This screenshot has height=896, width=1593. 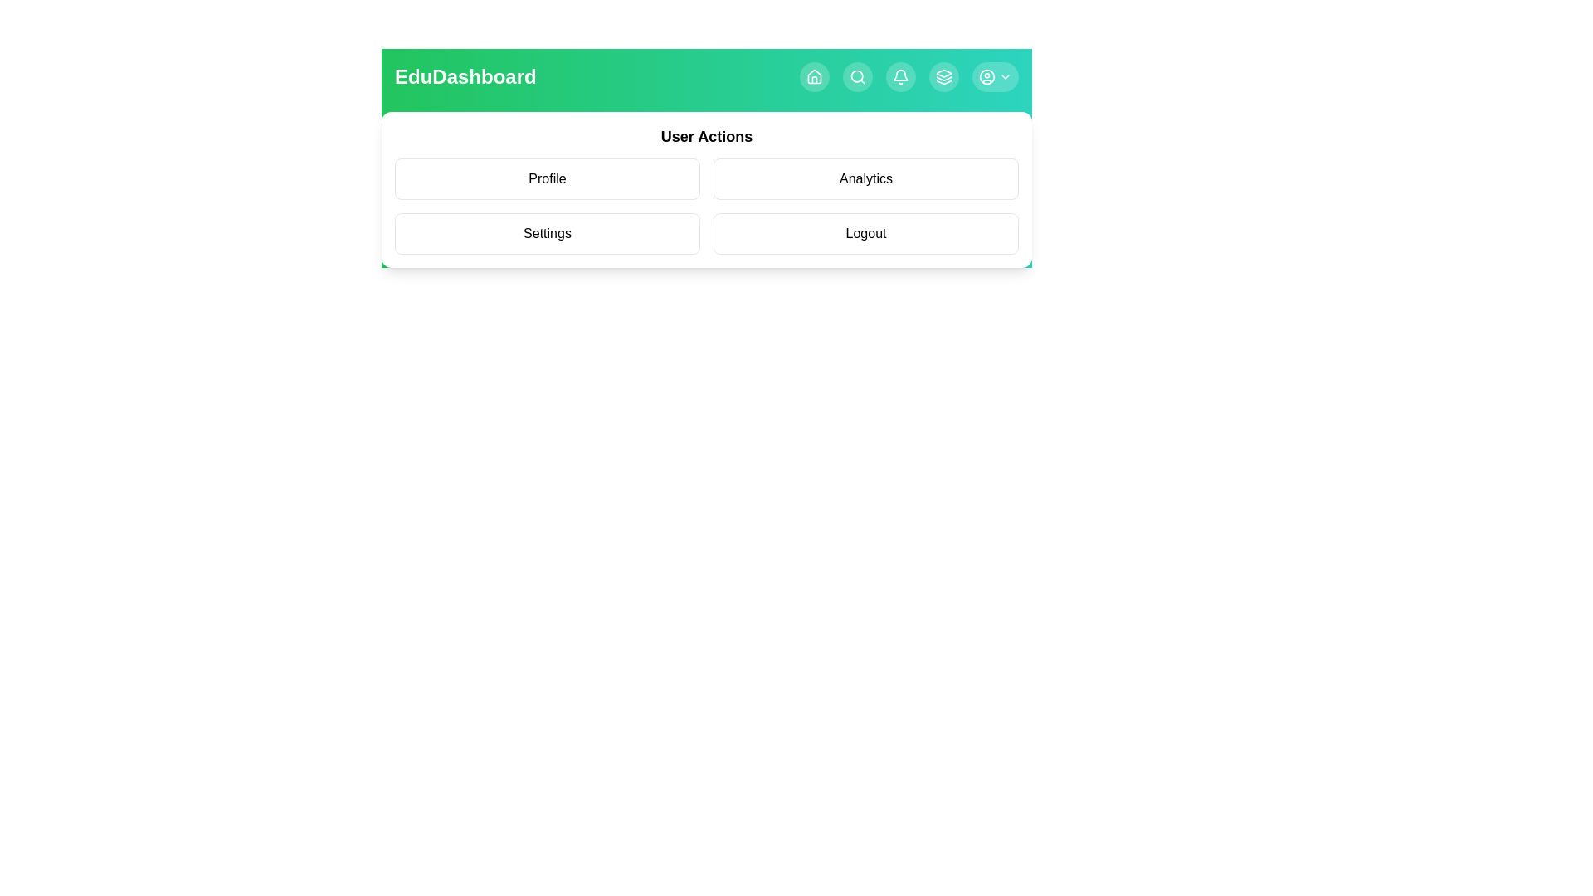 I want to click on the user action item Analytics from the menu, so click(x=865, y=179).